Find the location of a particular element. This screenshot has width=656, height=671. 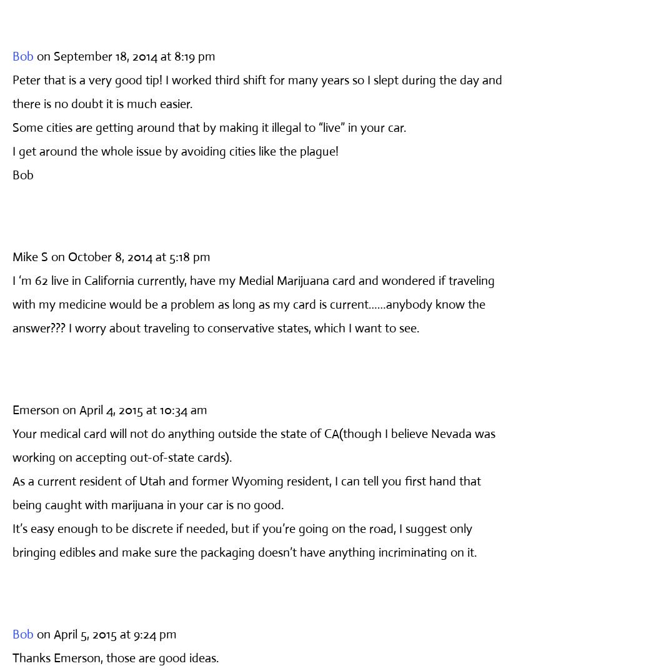

'on April 4, 2015 at 10:34 am' is located at coordinates (134, 409).